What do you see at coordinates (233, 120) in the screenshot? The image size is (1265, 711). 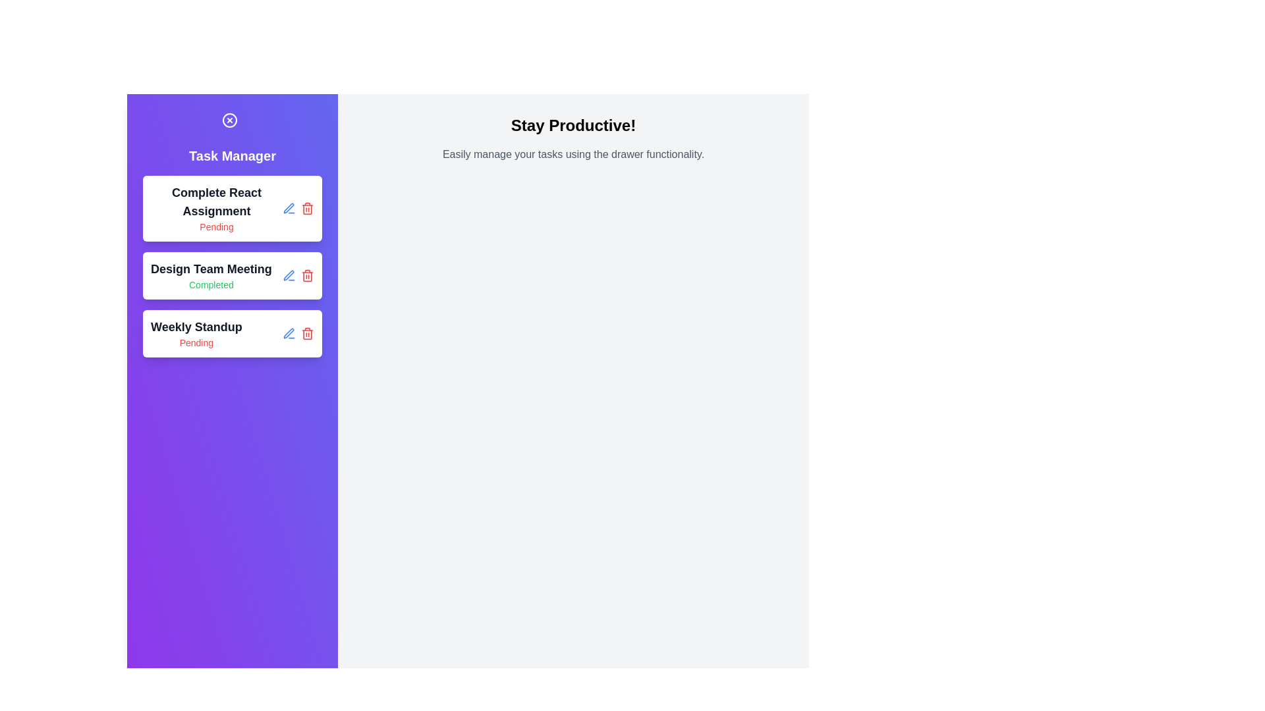 I see `the toggle button to close the drawer` at bounding box center [233, 120].